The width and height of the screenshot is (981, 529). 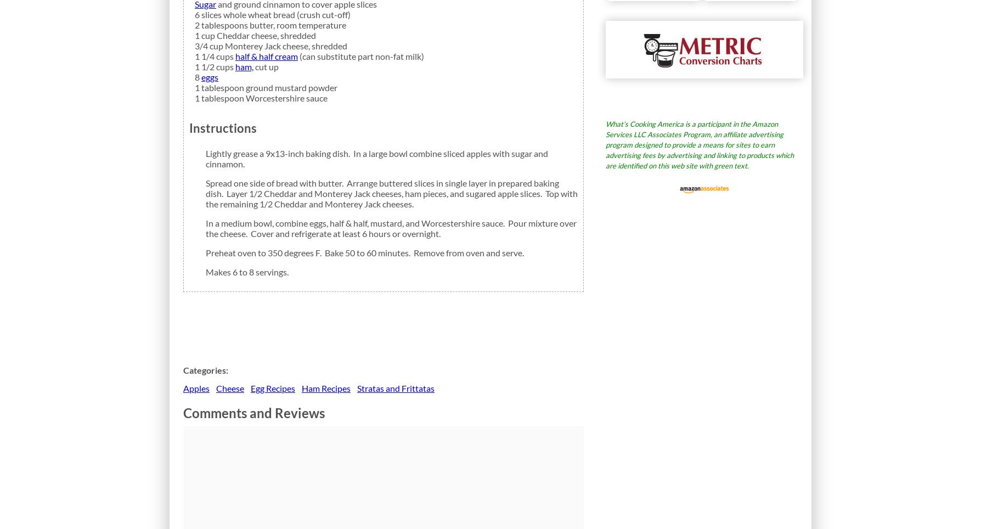 What do you see at coordinates (253, 412) in the screenshot?
I see `'Comments and Reviews'` at bounding box center [253, 412].